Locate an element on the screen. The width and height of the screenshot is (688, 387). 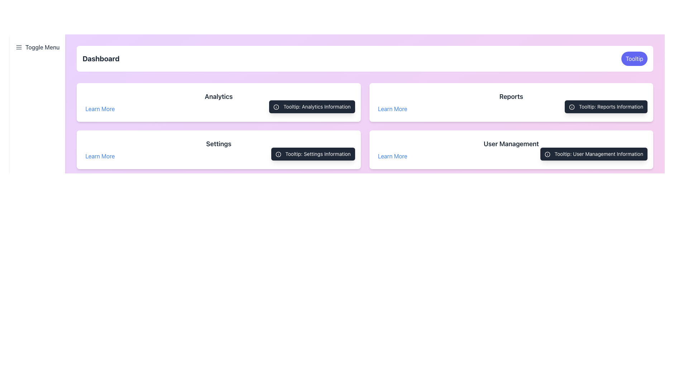
the tooltip element with the text 'Tooltip: User Management Information' located in the 'User Management' section, positioned towards the bottom right and next to the 'Learn More' link is located at coordinates (594, 153).